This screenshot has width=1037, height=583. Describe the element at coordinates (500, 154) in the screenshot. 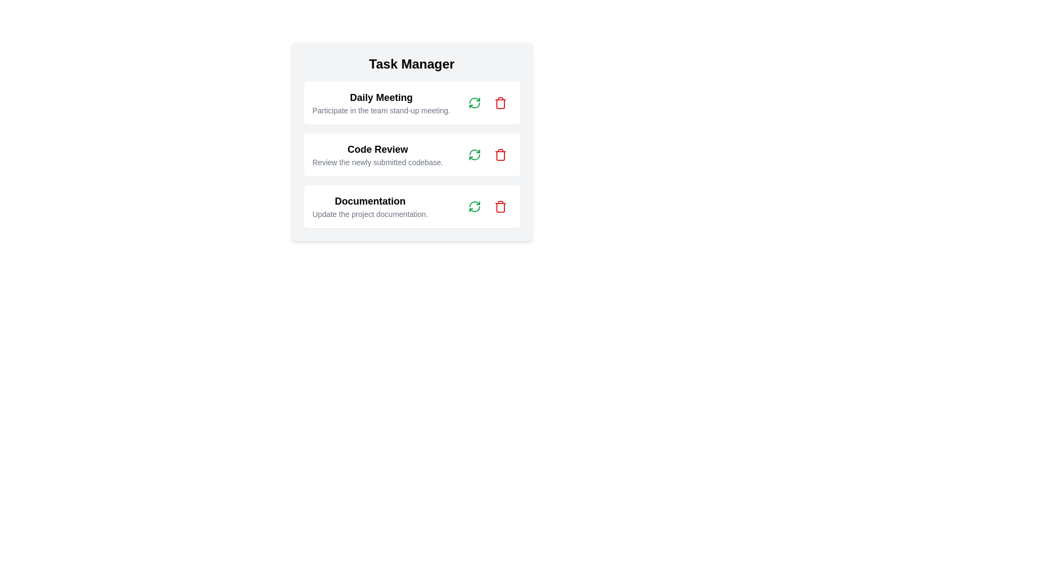

I see `the delete button for the 'Code Review' task, which is the third button aligned horizontally to the right of the task in the task list` at that location.